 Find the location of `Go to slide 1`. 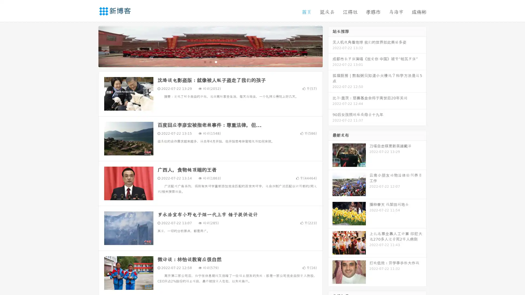

Go to slide 1 is located at coordinates (205, 61).